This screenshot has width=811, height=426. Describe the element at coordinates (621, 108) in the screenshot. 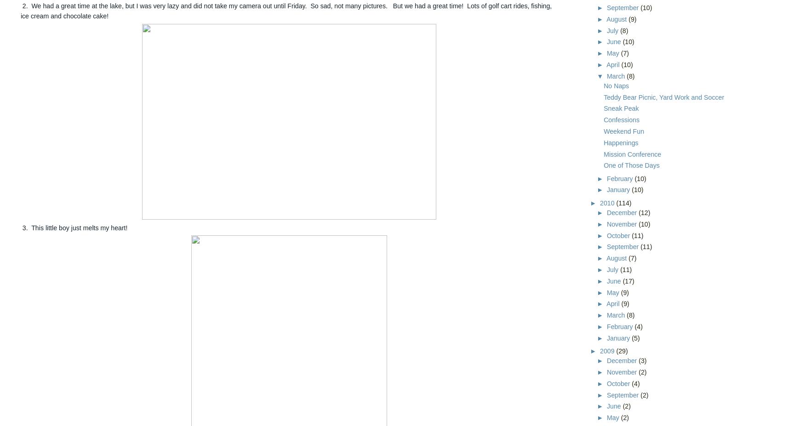

I see `'Sneak Peak'` at that location.